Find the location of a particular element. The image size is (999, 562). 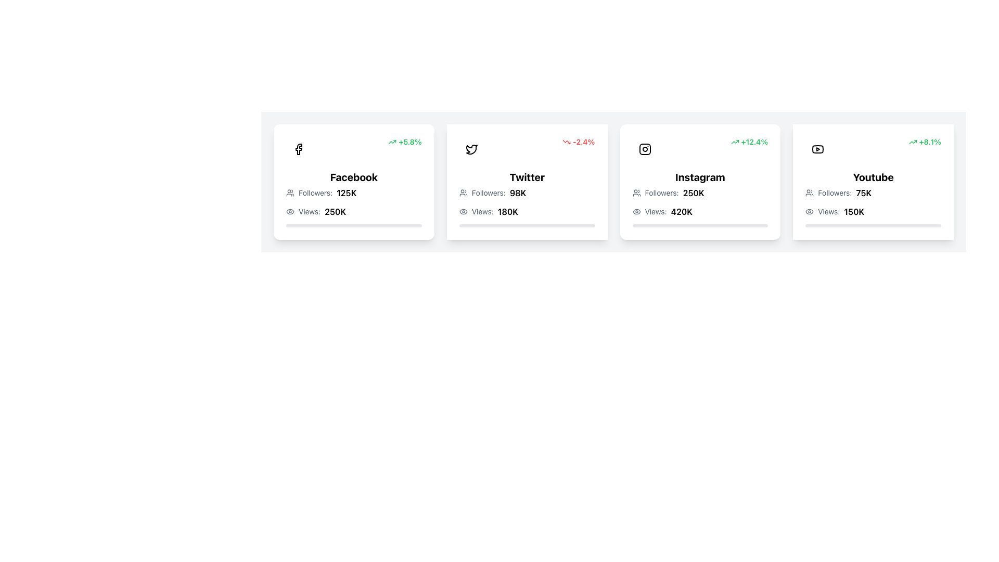

the 'Followers:' text label, which is styled in gray and located within the YouTube card, positioned above the numerical follower count '75K' is located at coordinates (835, 193).